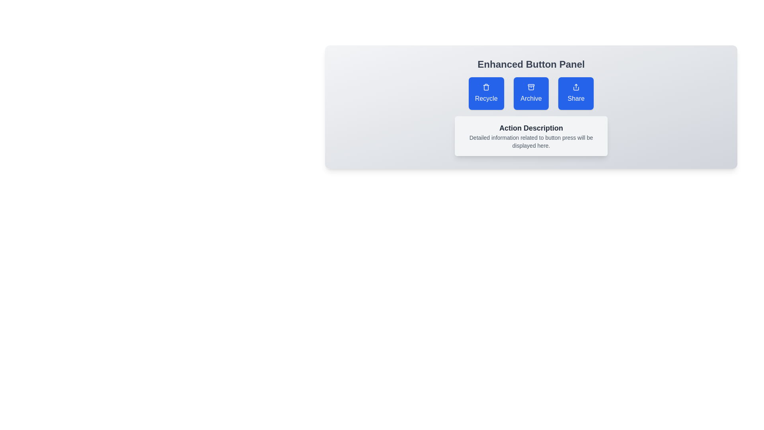 Image resolution: width=764 pixels, height=430 pixels. What do you see at coordinates (486, 93) in the screenshot?
I see `the leftmost button in the button group to trigger a visual transformation` at bounding box center [486, 93].